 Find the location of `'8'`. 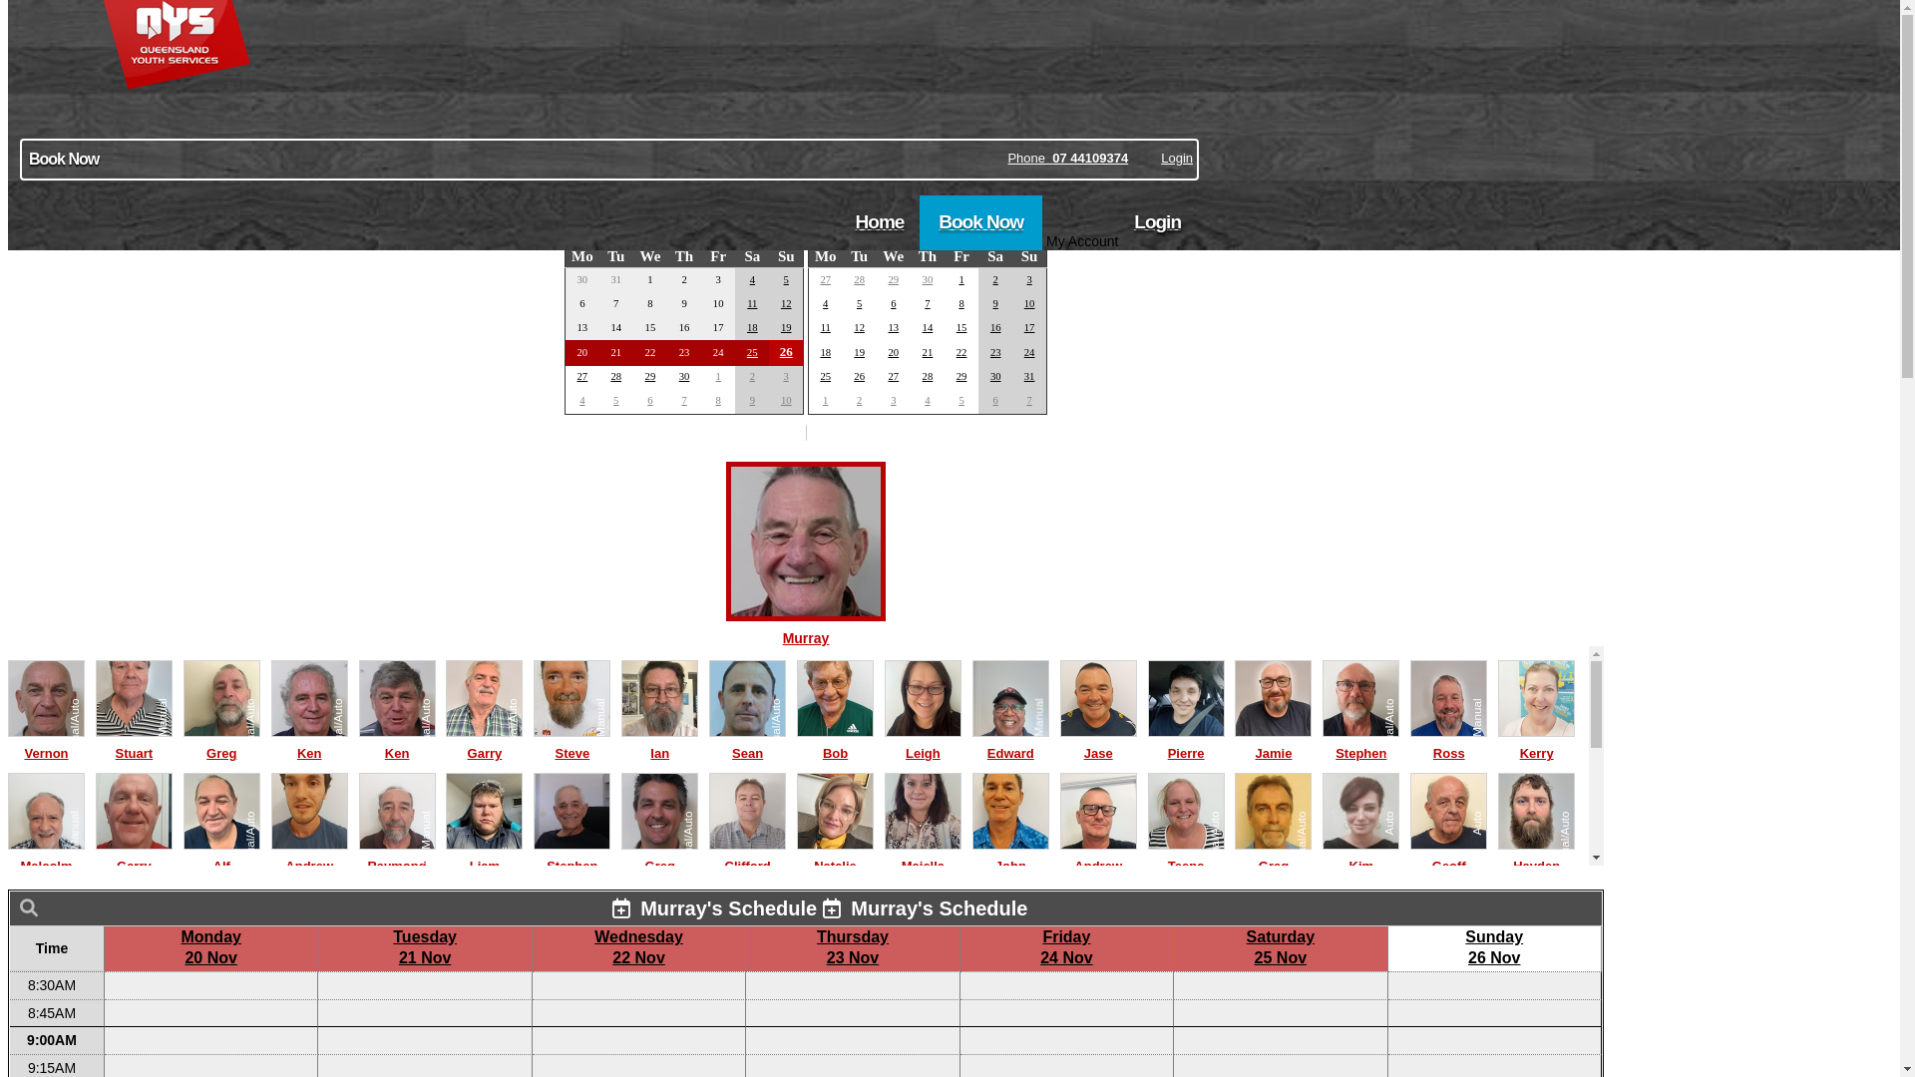

'8' is located at coordinates (718, 400).